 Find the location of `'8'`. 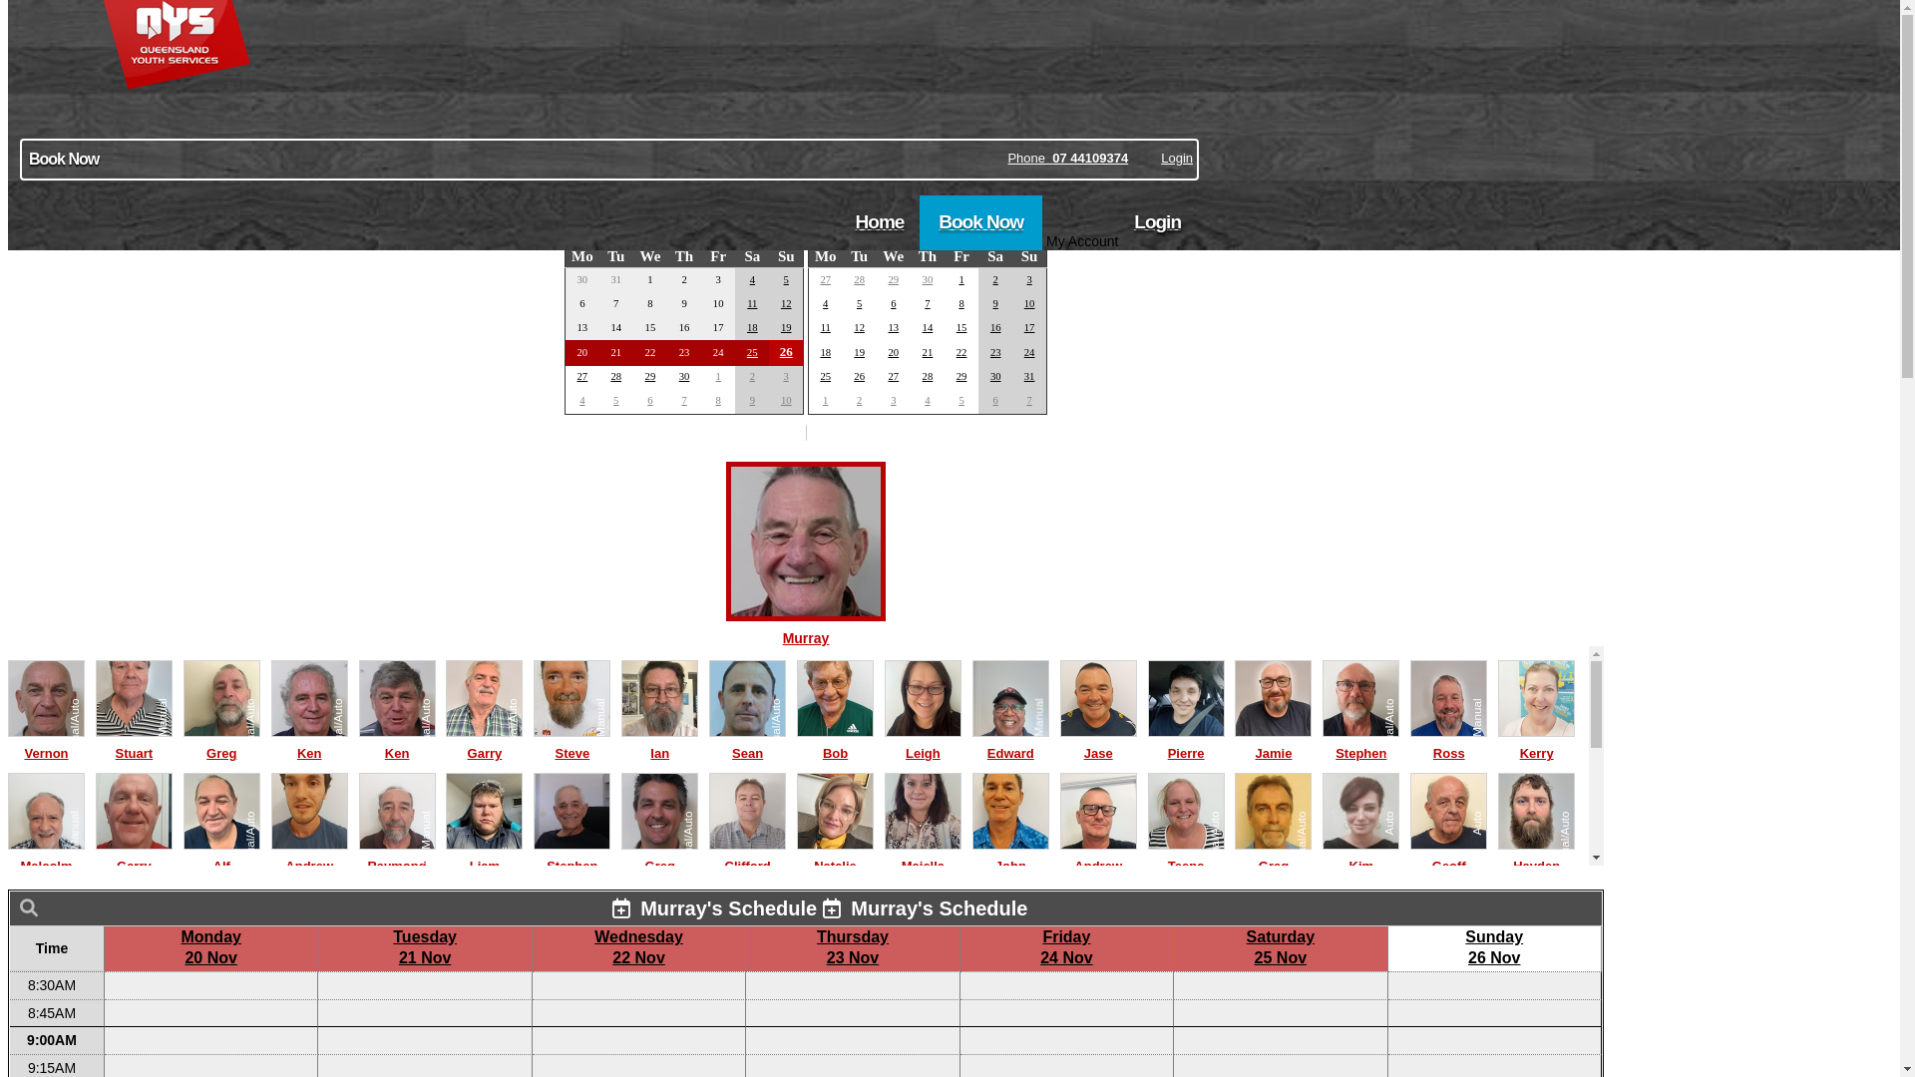

'8' is located at coordinates (718, 400).